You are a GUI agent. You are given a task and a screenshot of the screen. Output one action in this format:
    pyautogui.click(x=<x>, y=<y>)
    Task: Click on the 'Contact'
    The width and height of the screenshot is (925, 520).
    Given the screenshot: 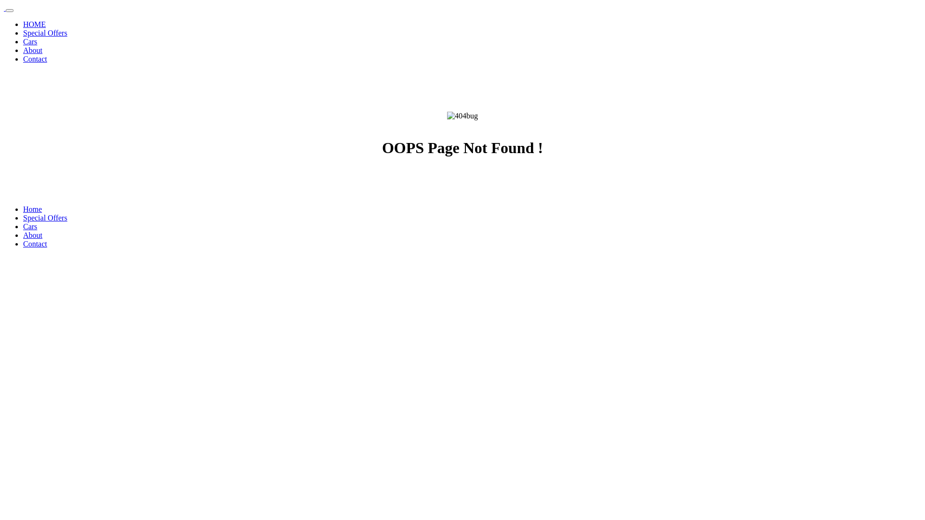 What is the action you would take?
    pyautogui.click(x=35, y=59)
    